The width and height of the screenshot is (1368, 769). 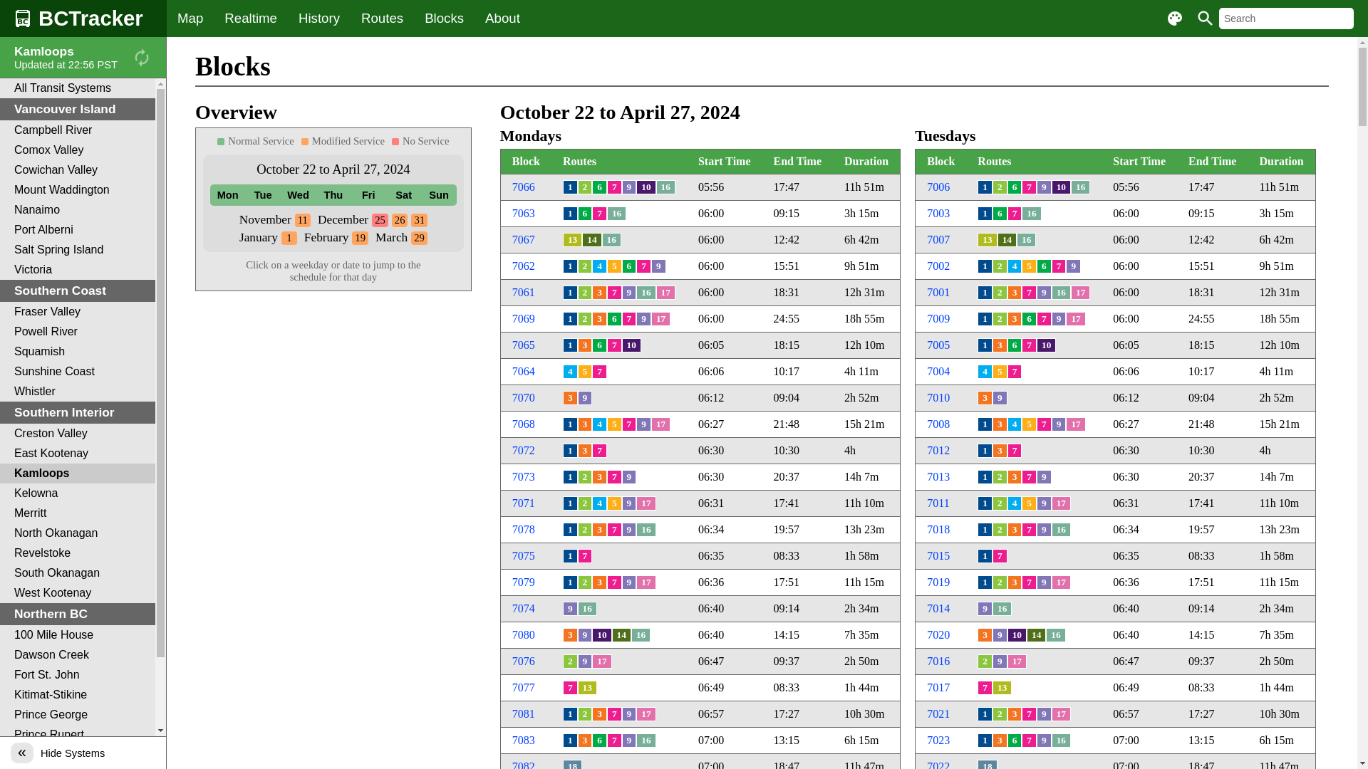 I want to click on '4', so click(x=599, y=266).